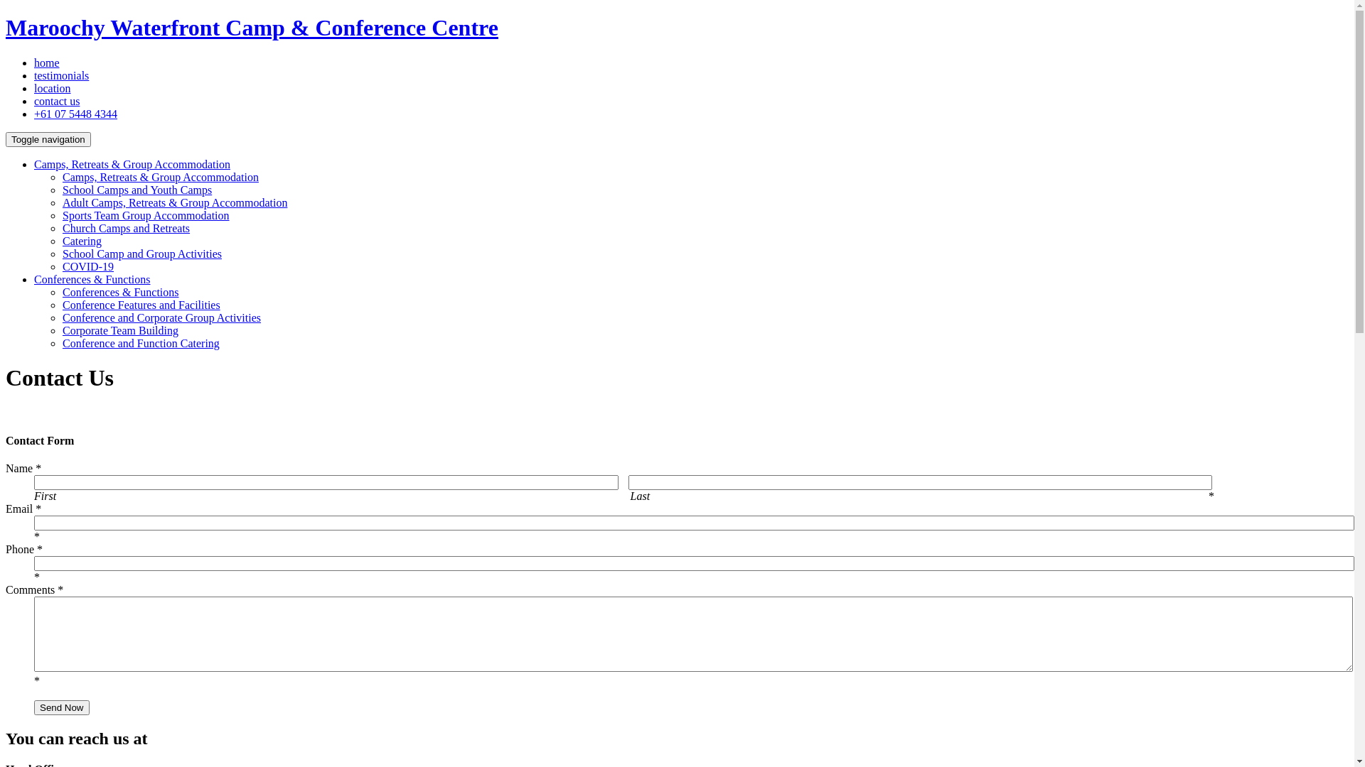  What do you see at coordinates (34, 707) in the screenshot?
I see `'Send Now'` at bounding box center [34, 707].